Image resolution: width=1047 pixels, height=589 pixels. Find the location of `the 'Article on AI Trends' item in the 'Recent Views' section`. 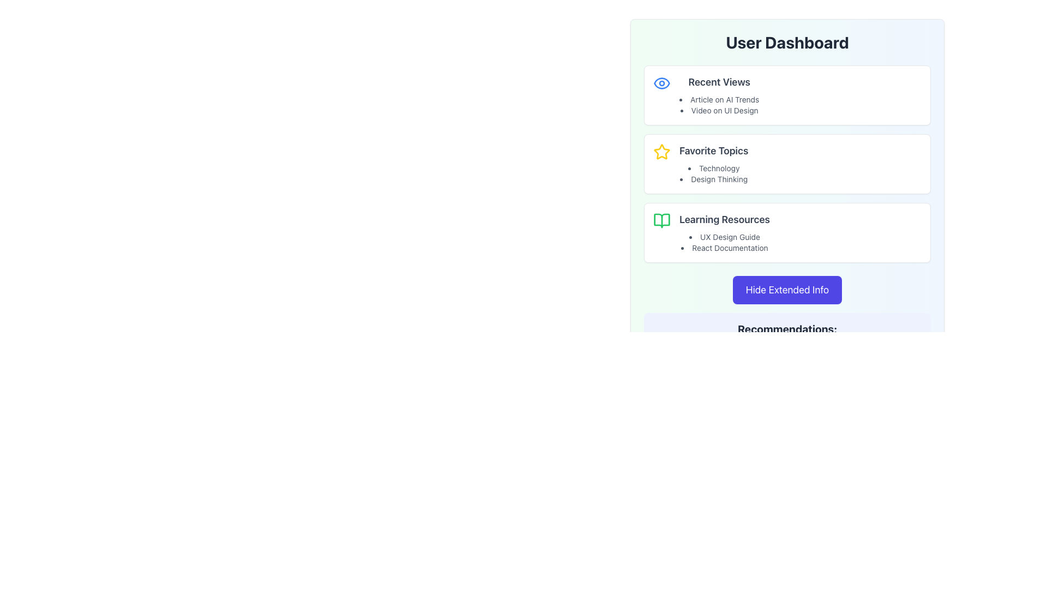

the 'Article on AI Trends' item in the 'Recent Views' section is located at coordinates (719, 94).